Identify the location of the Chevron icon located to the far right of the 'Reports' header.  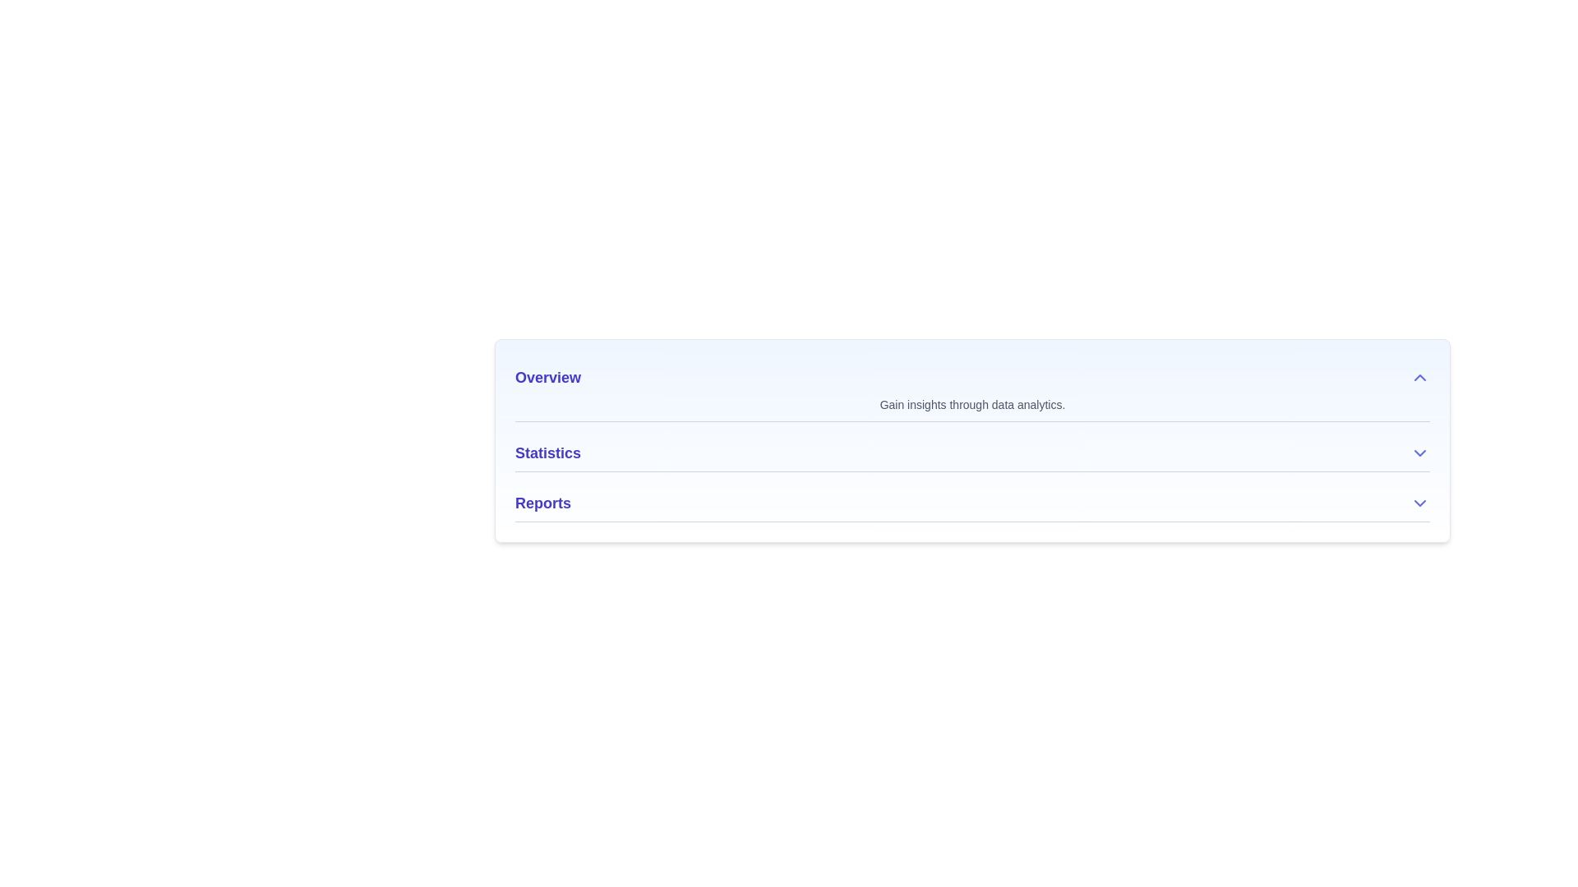
(1419, 502).